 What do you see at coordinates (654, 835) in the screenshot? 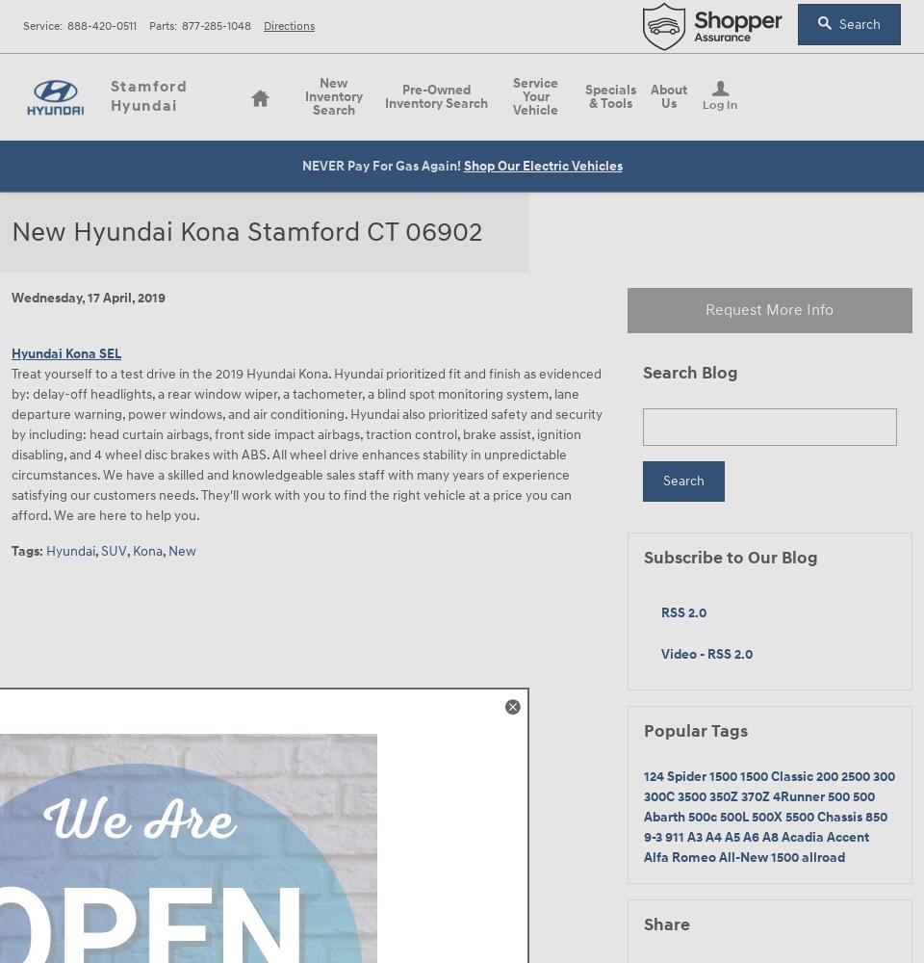
I see `'9-3'` at bounding box center [654, 835].